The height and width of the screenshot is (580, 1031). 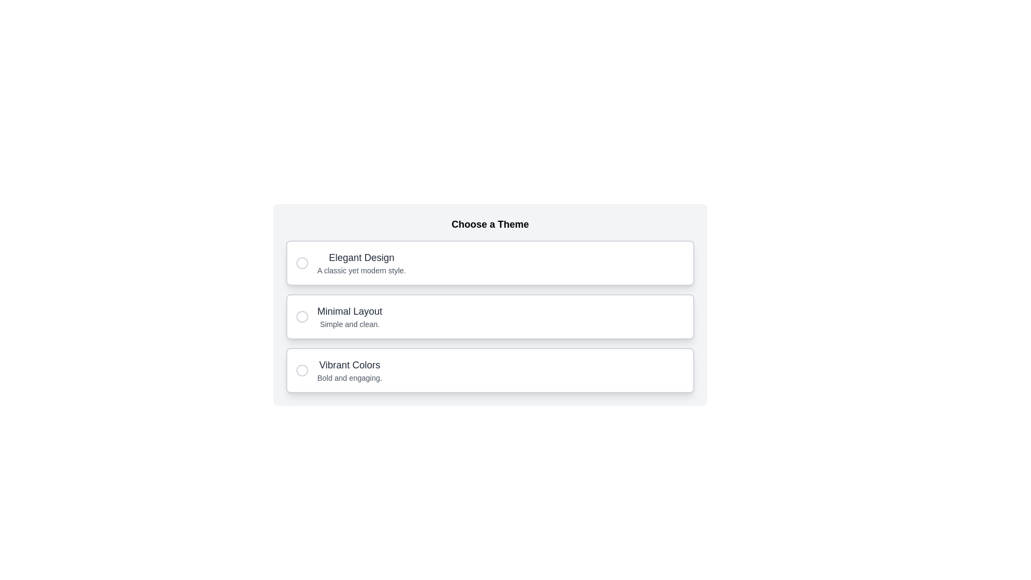 What do you see at coordinates (301, 316) in the screenshot?
I see `the first radio button associated with the 'Minimal Layout' option` at bounding box center [301, 316].